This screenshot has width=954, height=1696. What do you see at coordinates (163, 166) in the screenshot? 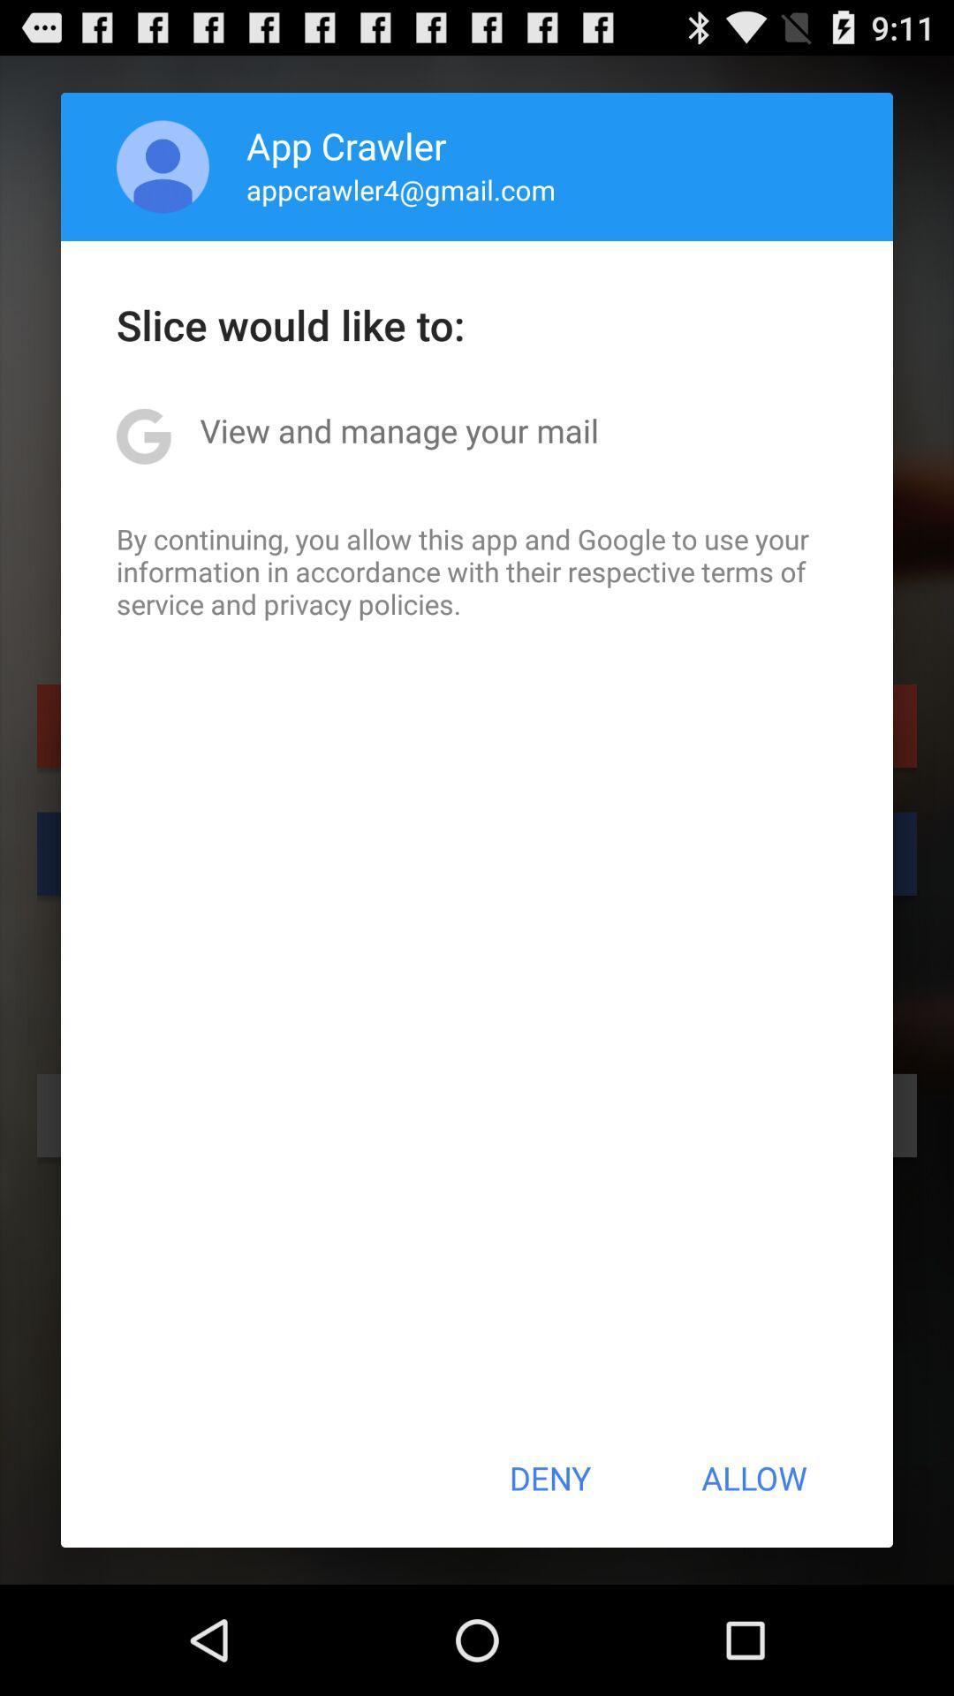
I see `icon next to app crawler` at bounding box center [163, 166].